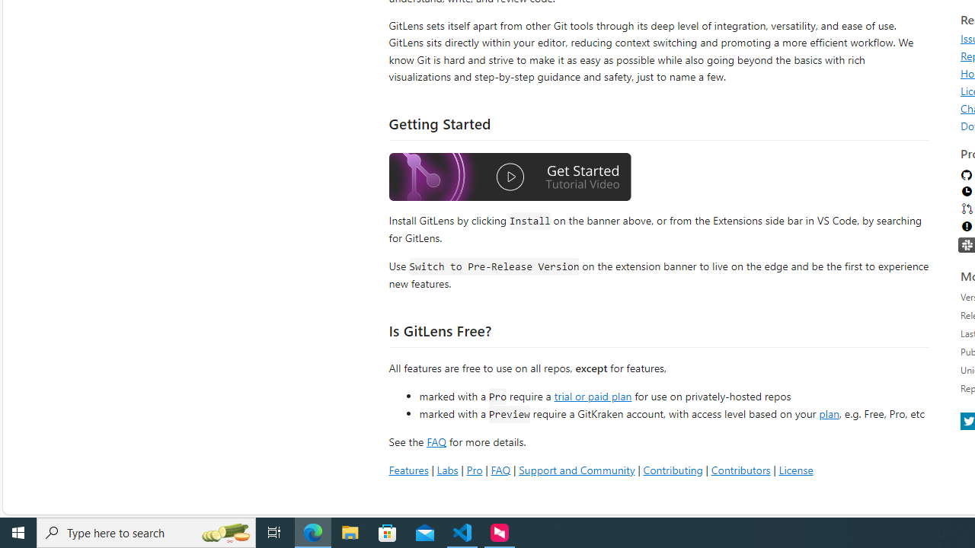 This screenshot has height=548, width=975. What do you see at coordinates (576, 469) in the screenshot?
I see `'Support and Community'` at bounding box center [576, 469].